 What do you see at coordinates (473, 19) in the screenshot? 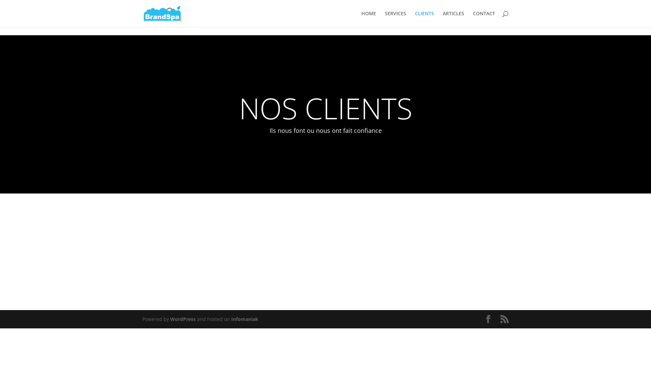
I see `'CONTACT'` at bounding box center [473, 19].